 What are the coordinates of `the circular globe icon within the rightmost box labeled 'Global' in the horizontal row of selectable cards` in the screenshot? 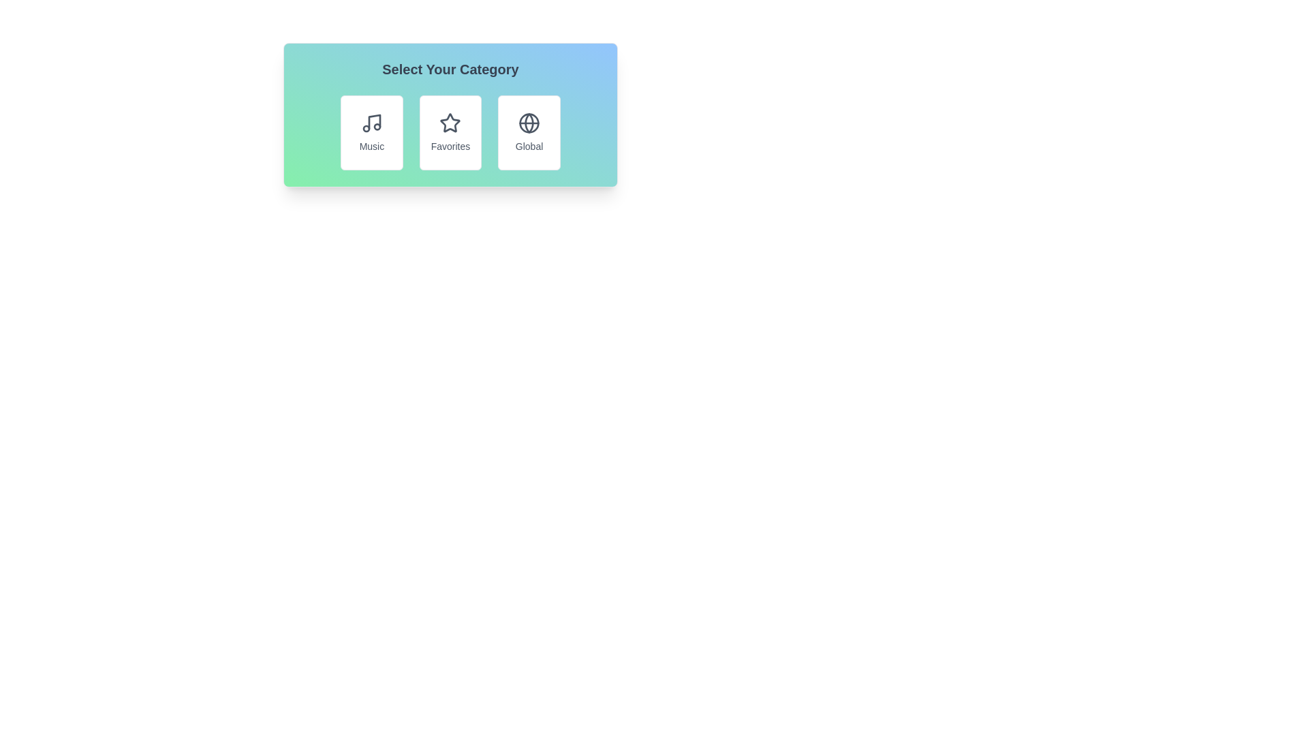 It's located at (529, 123).